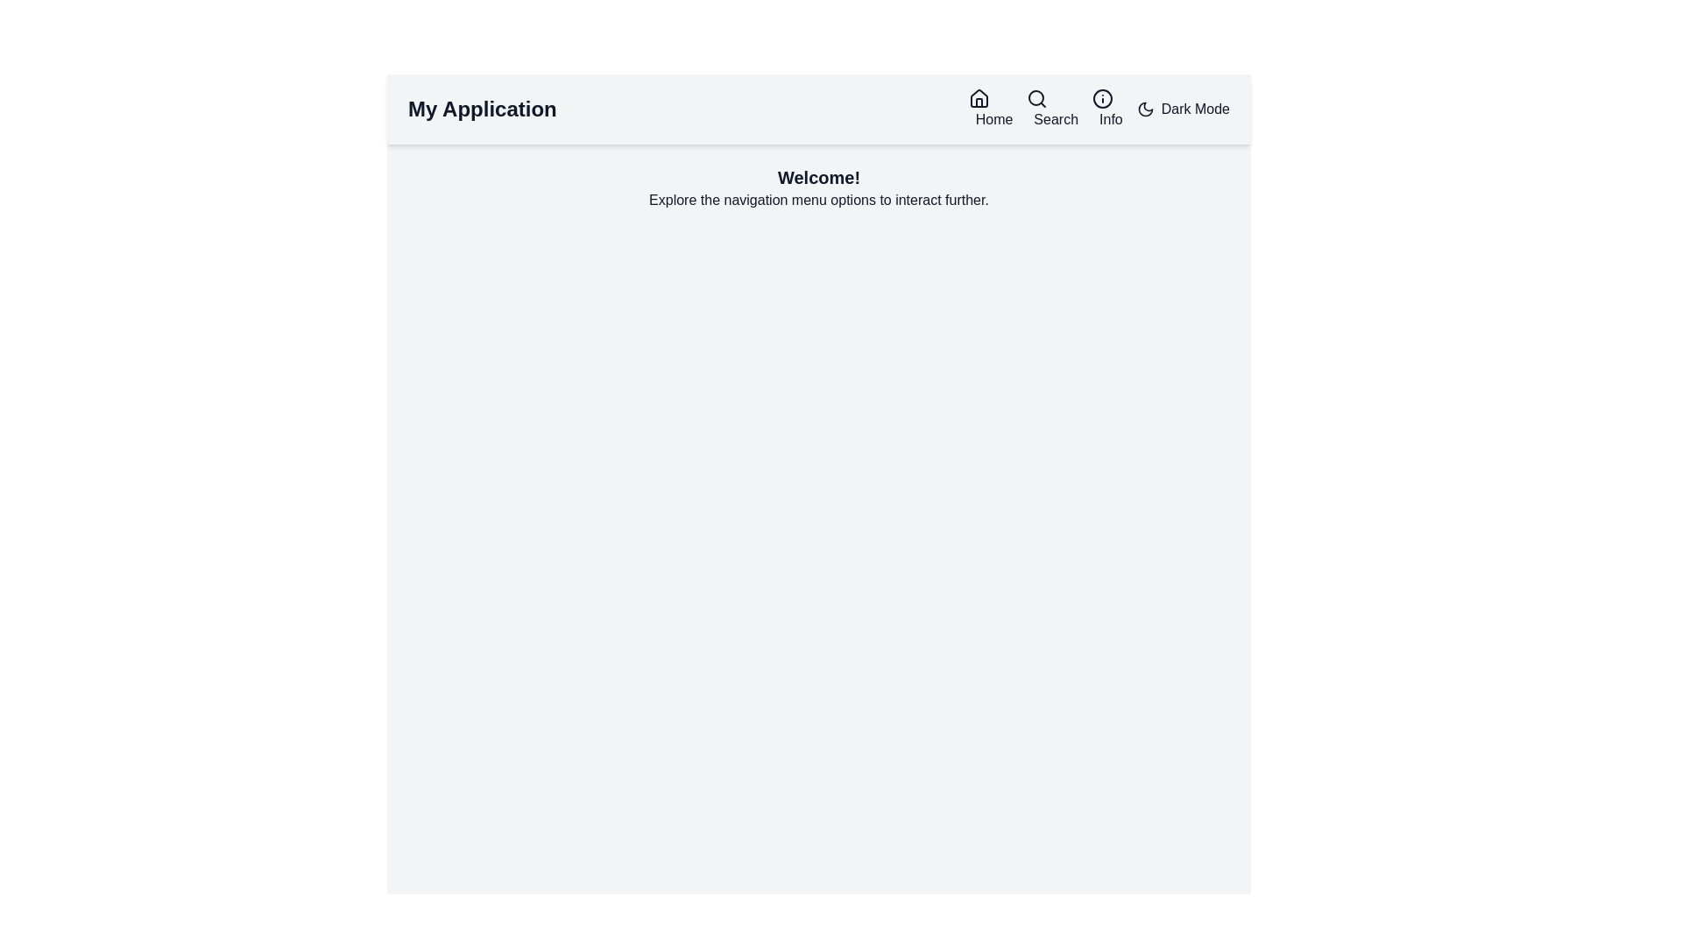 The height and width of the screenshot is (946, 1682). What do you see at coordinates (1183, 109) in the screenshot?
I see `the toggle button with an icon and text on the right side of the header section to switch between light and dark themes` at bounding box center [1183, 109].